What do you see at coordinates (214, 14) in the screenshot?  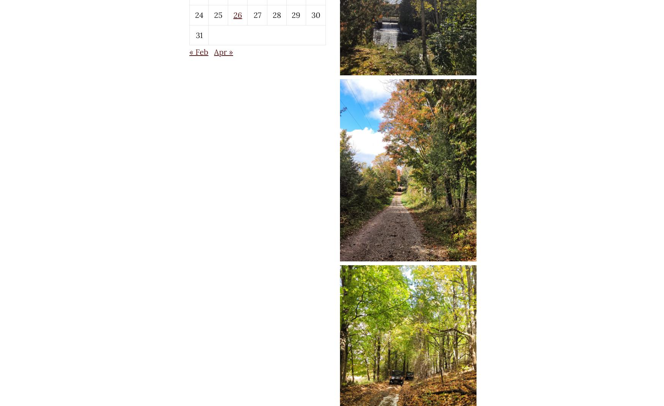 I see `'25'` at bounding box center [214, 14].